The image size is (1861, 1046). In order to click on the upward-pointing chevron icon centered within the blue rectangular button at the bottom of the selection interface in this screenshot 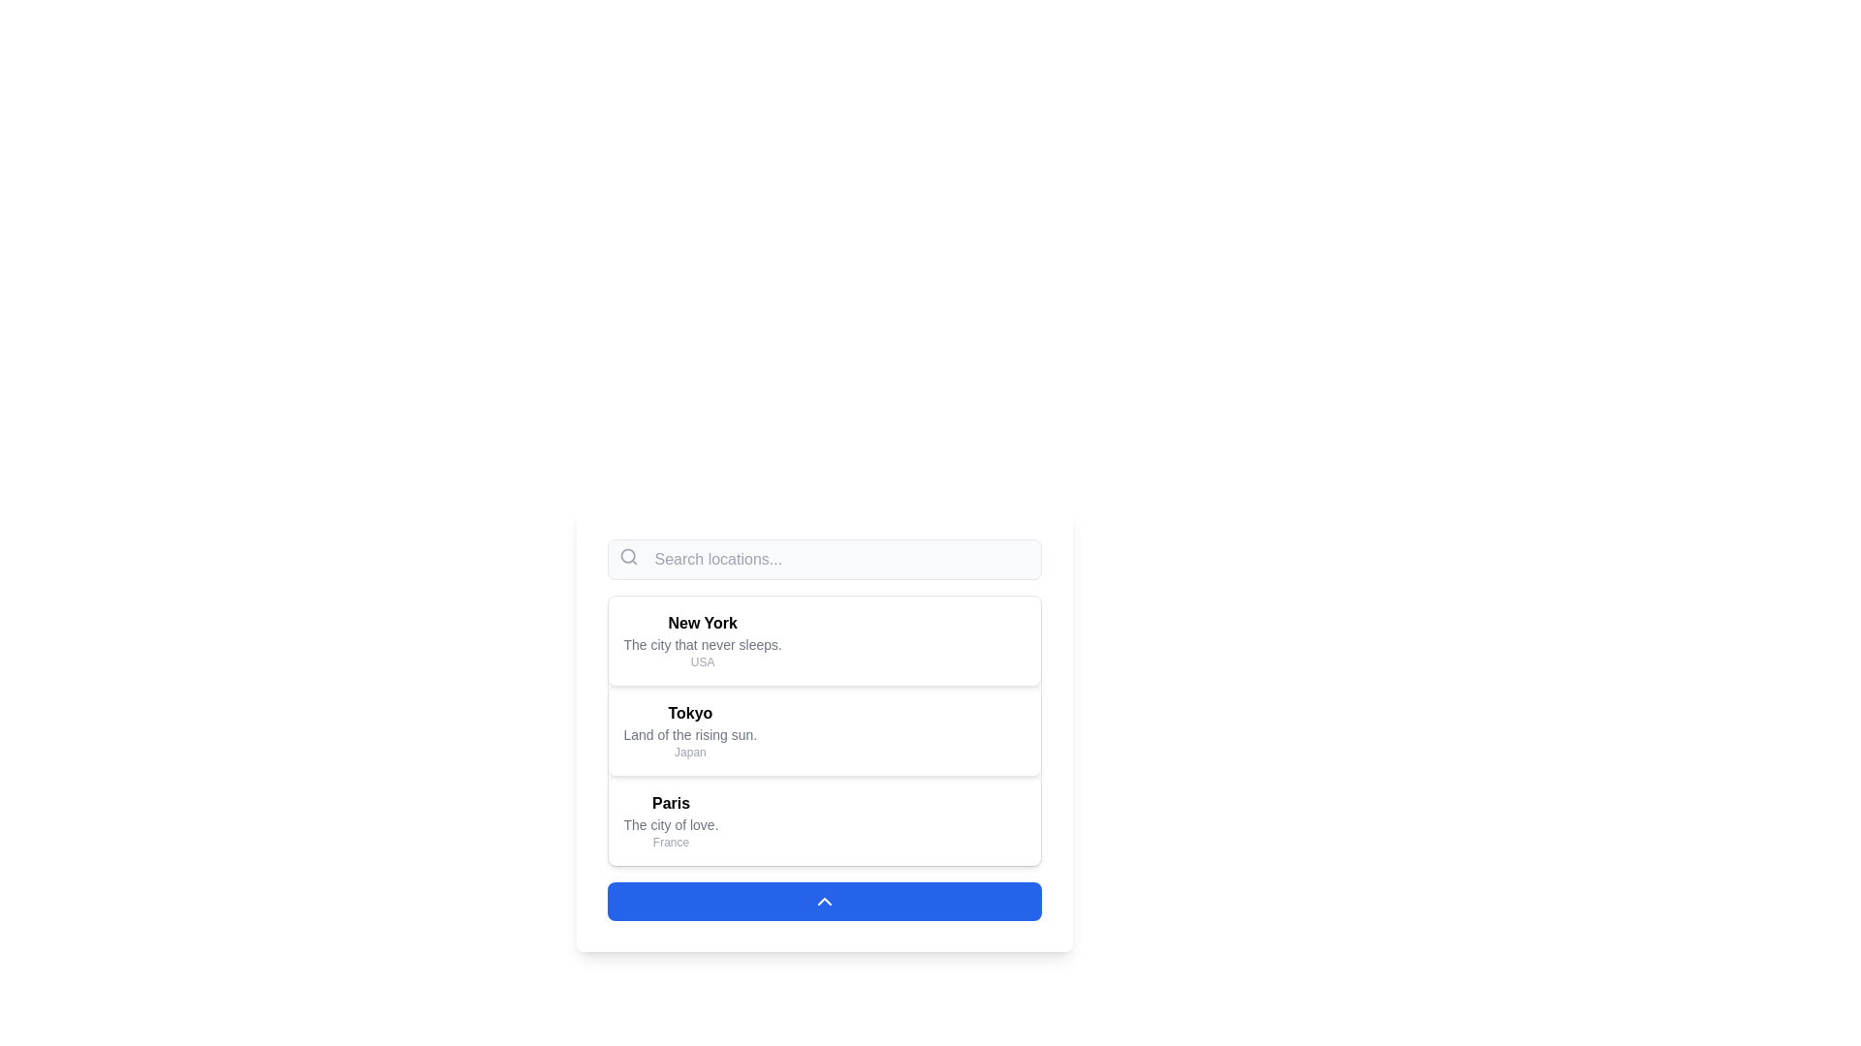, I will do `click(824, 901)`.